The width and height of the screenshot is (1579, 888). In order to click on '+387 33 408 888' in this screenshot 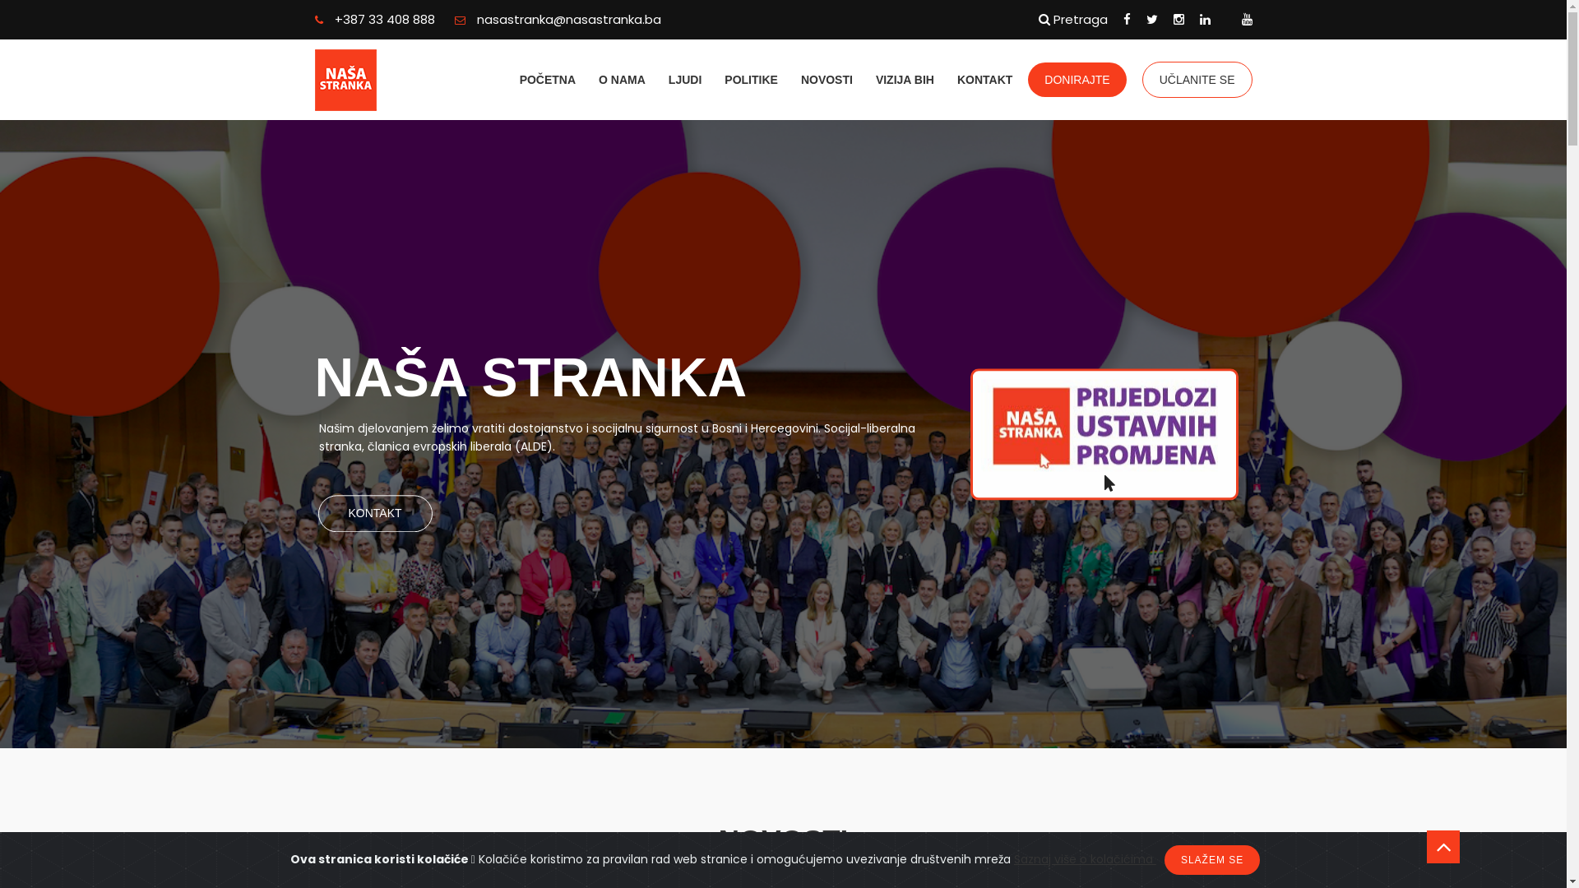, I will do `click(373, 19)`.